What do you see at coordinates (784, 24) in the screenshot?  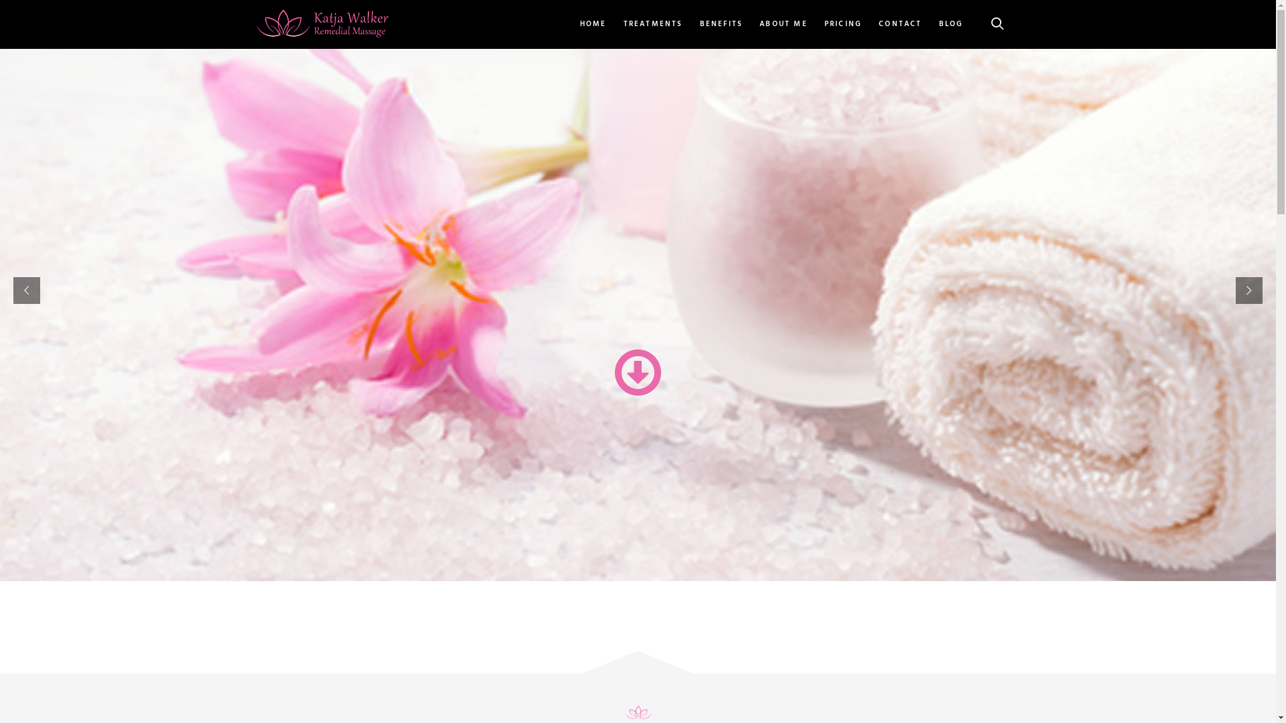 I see `'ABOUT ME'` at bounding box center [784, 24].